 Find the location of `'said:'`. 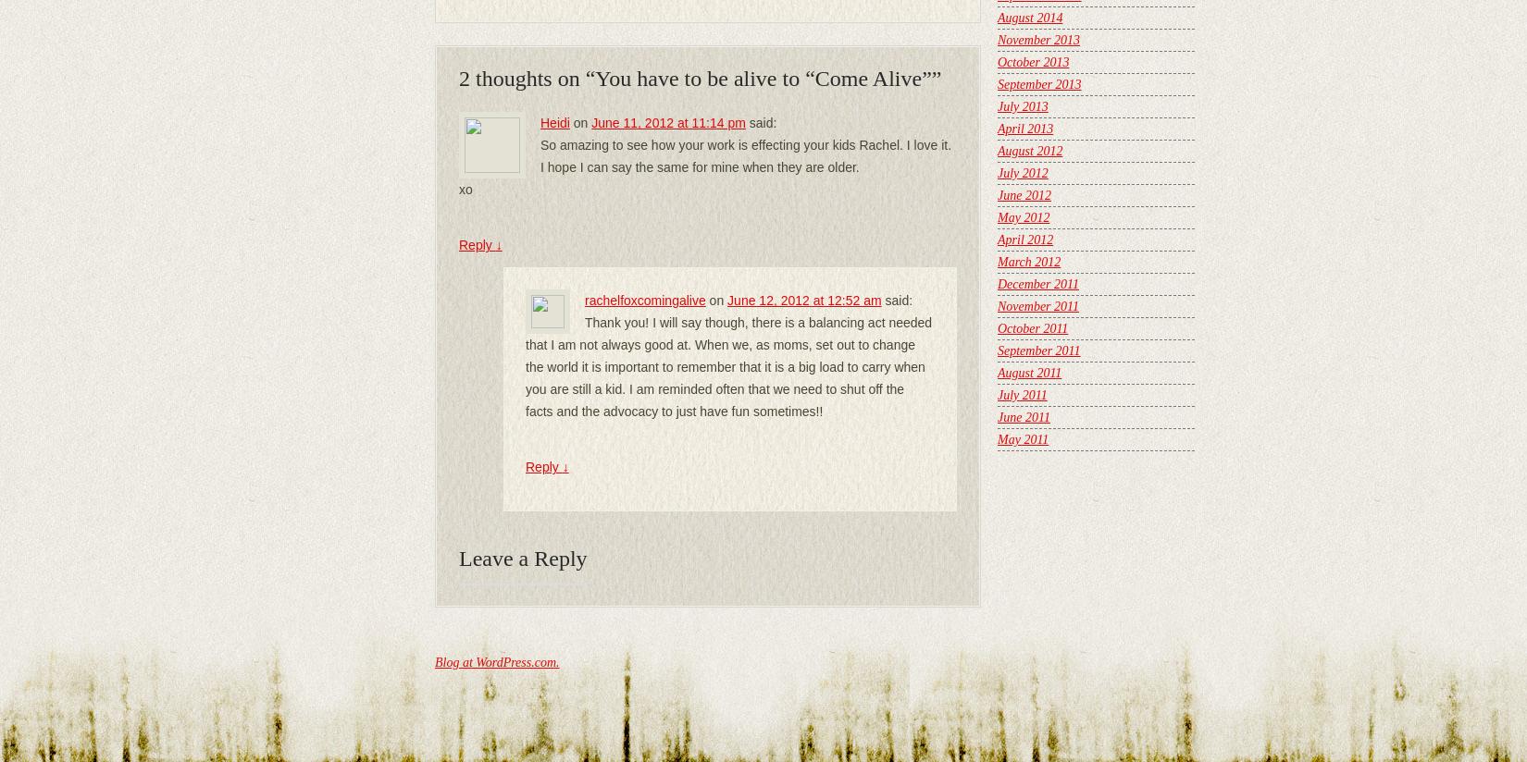

'said:' is located at coordinates (762, 122).